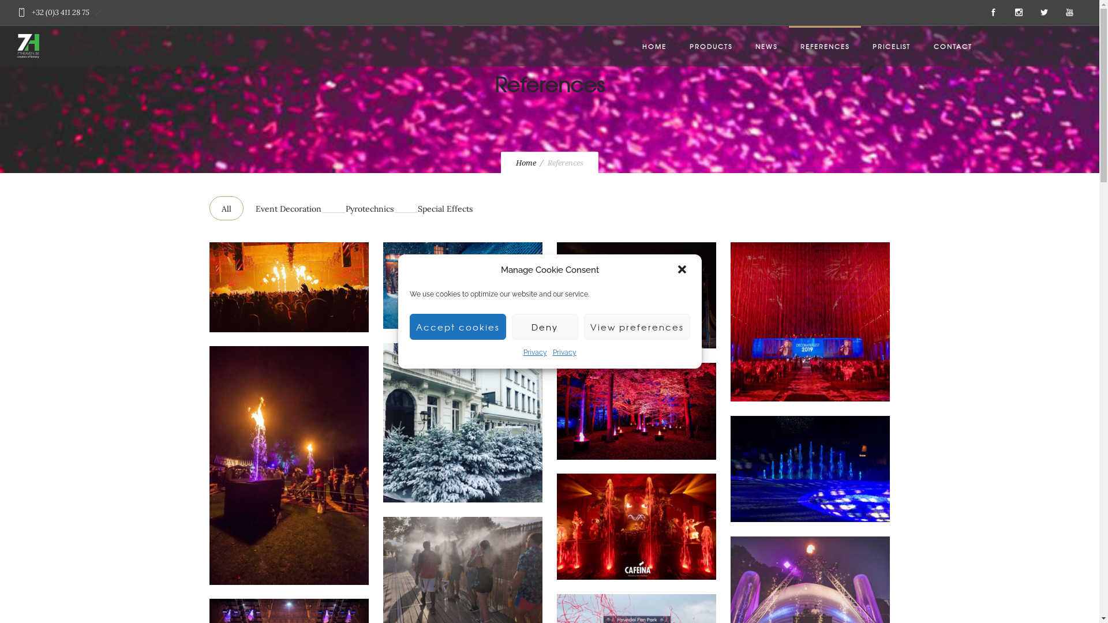  What do you see at coordinates (922, 46) in the screenshot?
I see `'CONTACT'` at bounding box center [922, 46].